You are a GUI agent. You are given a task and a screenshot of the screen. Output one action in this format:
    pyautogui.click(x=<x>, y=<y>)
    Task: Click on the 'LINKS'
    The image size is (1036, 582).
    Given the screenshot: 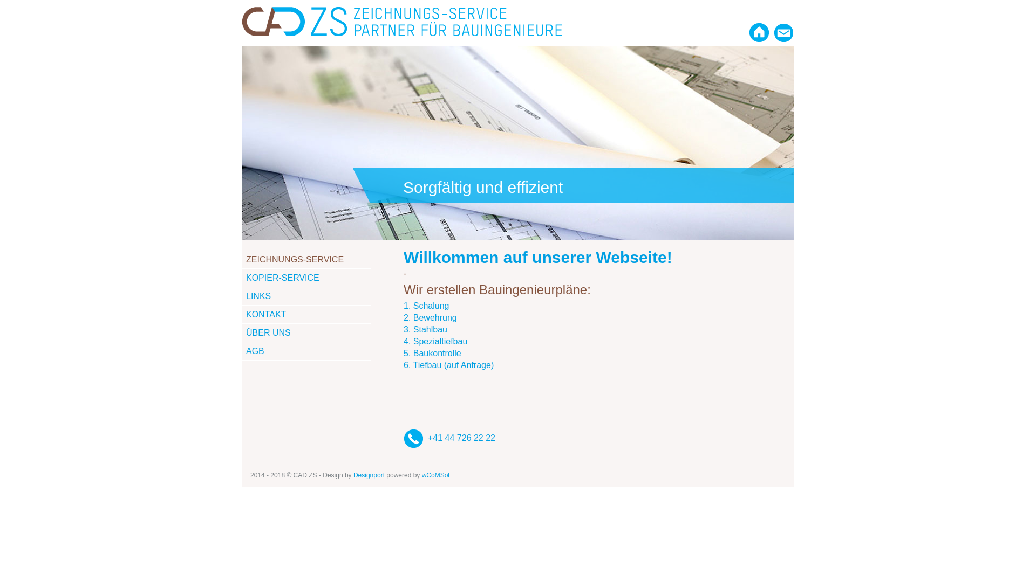 What is the action you would take?
    pyautogui.click(x=258, y=296)
    